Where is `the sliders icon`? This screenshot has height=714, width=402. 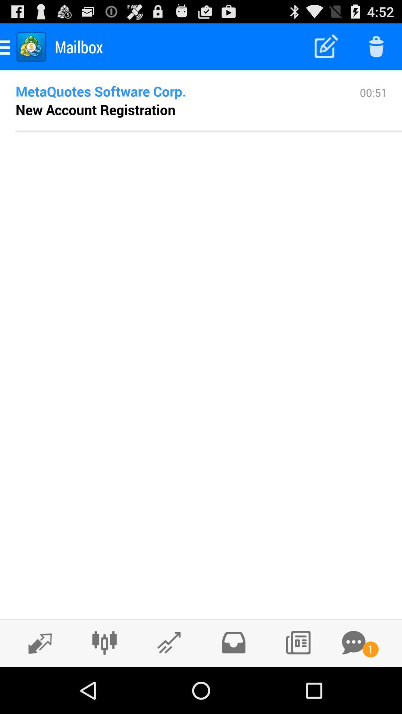 the sliders icon is located at coordinates (104, 687).